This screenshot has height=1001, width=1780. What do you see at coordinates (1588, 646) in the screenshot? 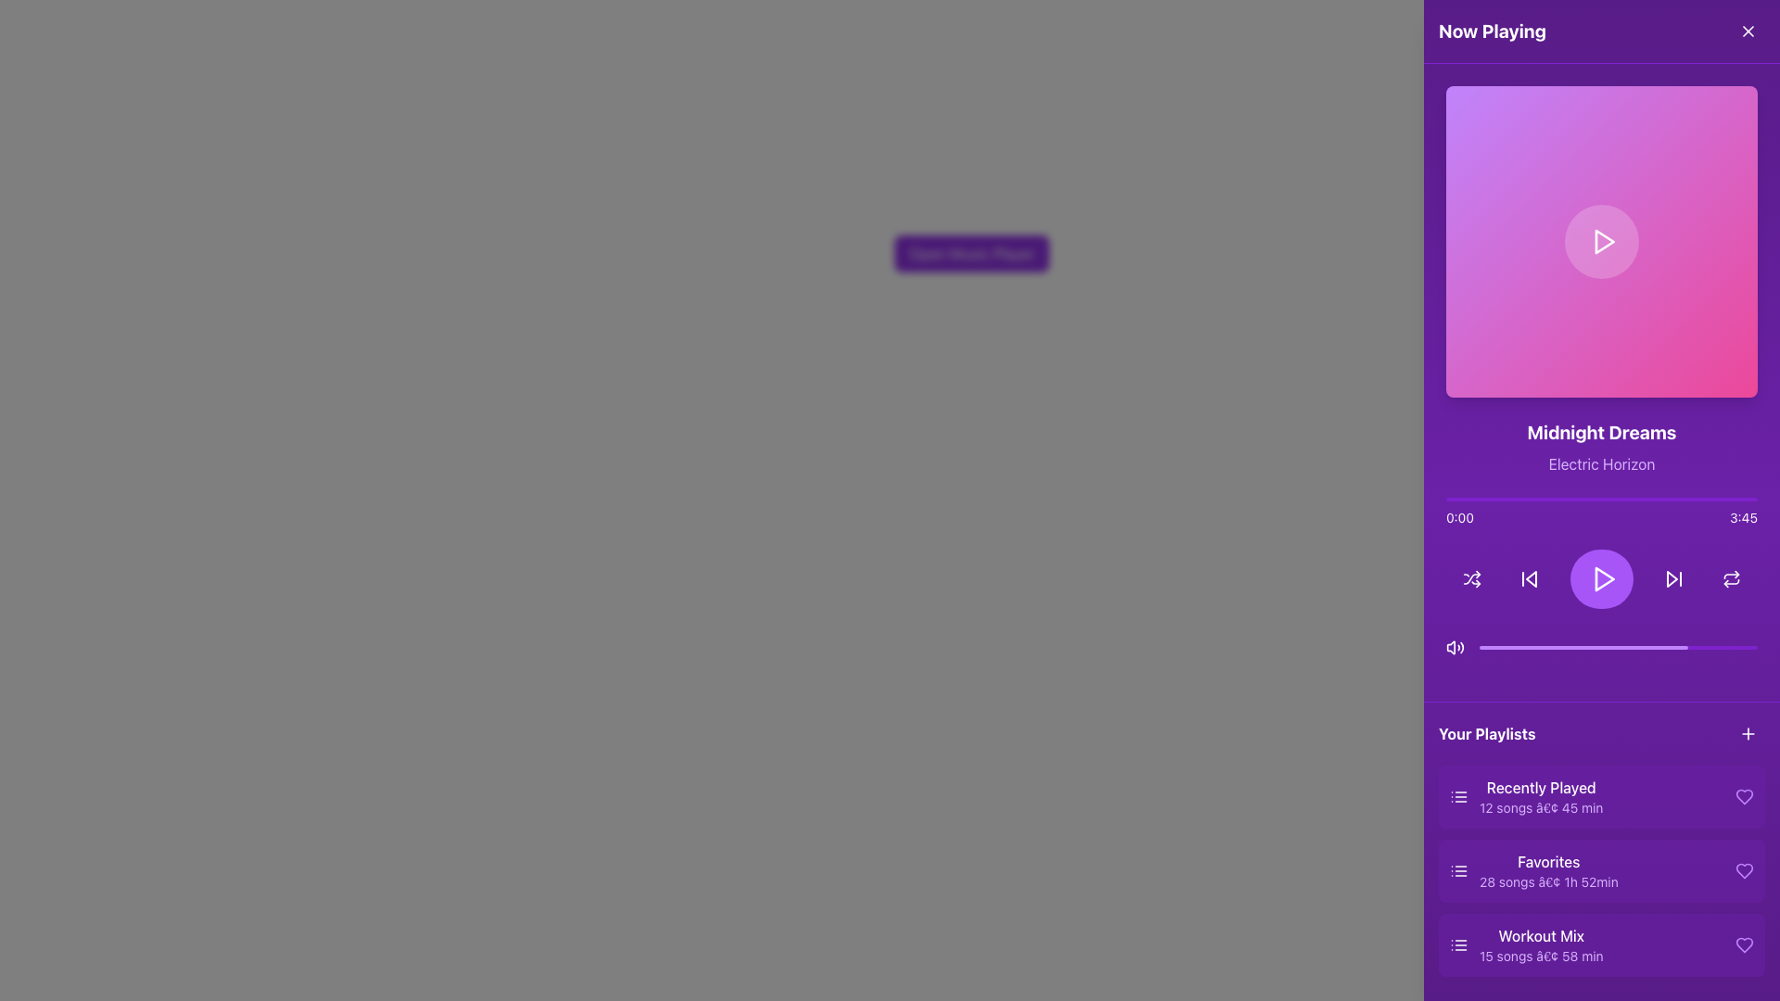
I see `the playback progress` at bounding box center [1588, 646].